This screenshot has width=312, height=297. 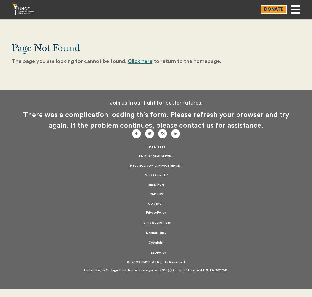 I want to click on 'Click here', so click(x=140, y=61).